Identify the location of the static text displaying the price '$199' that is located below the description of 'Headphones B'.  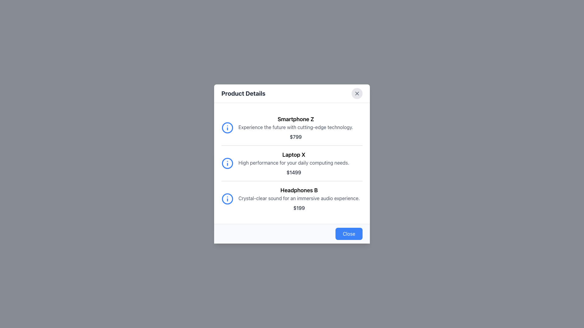
(299, 208).